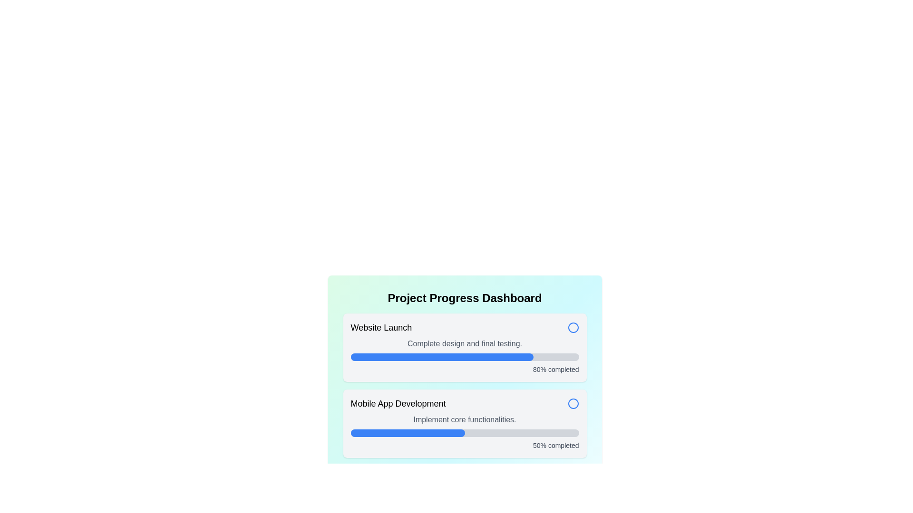 The width and height of the screenshot is (913, 513). Describe the element at coordinates (465, 433) in the screenshot. I see `the progress bar located in the 'Mobile App Development' section, which has a gray background and a blue section indicating 50% progress` at that location.